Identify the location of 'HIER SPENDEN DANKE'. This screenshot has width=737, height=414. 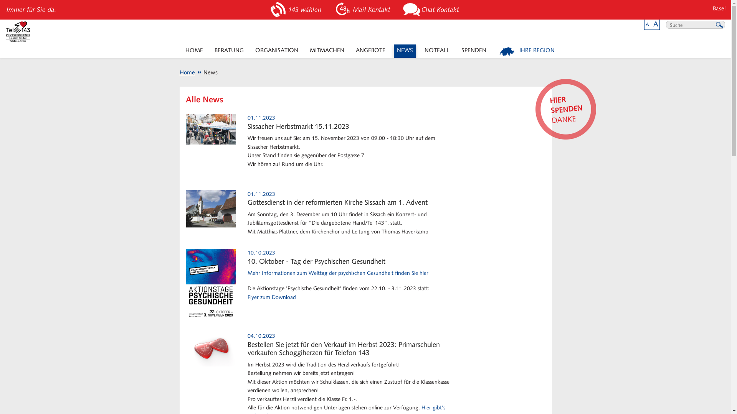
(563, 107).